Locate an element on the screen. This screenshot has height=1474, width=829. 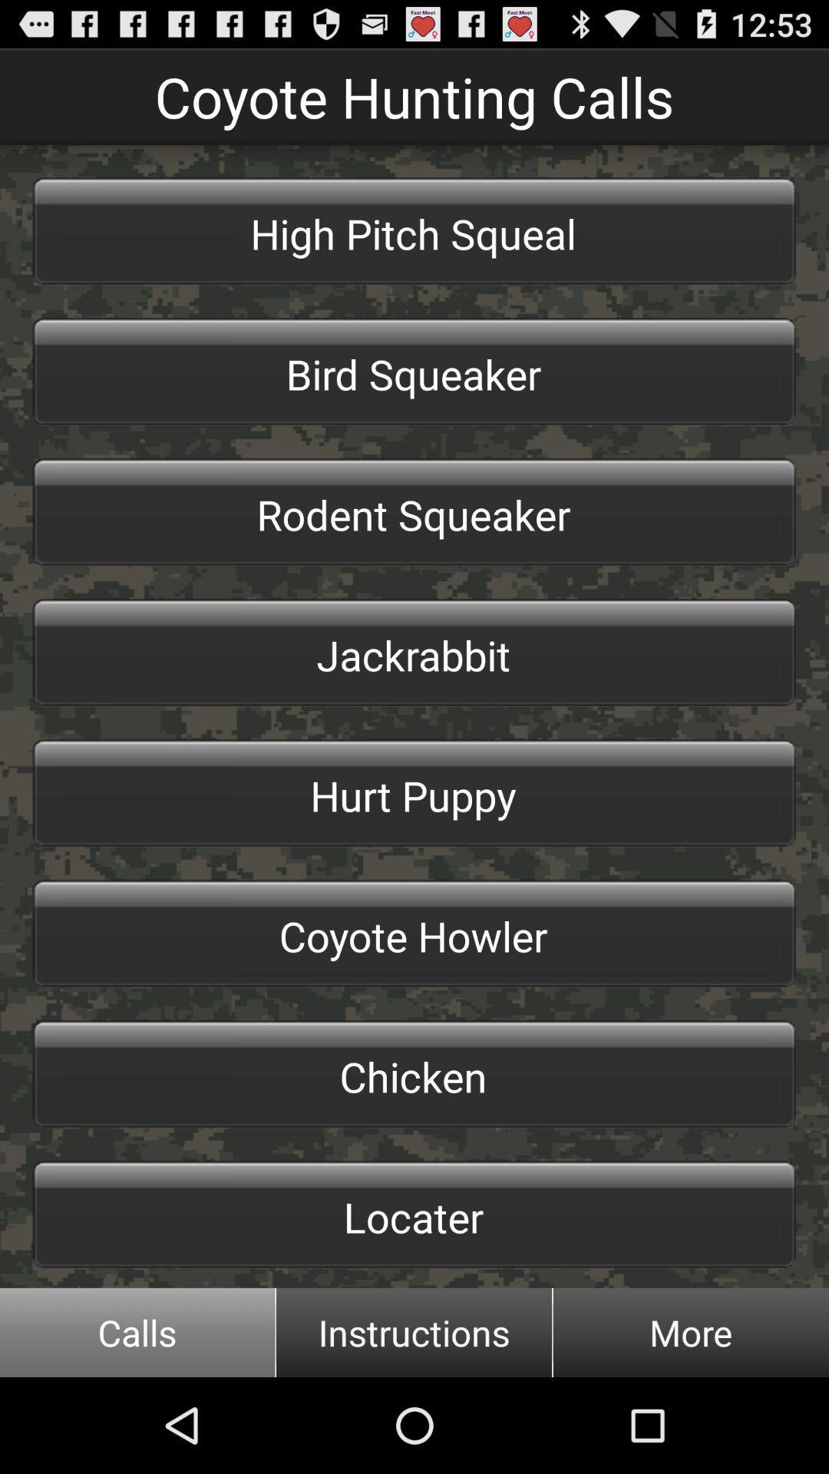
button below high pitch squeal is located at coordinates (414, 372).